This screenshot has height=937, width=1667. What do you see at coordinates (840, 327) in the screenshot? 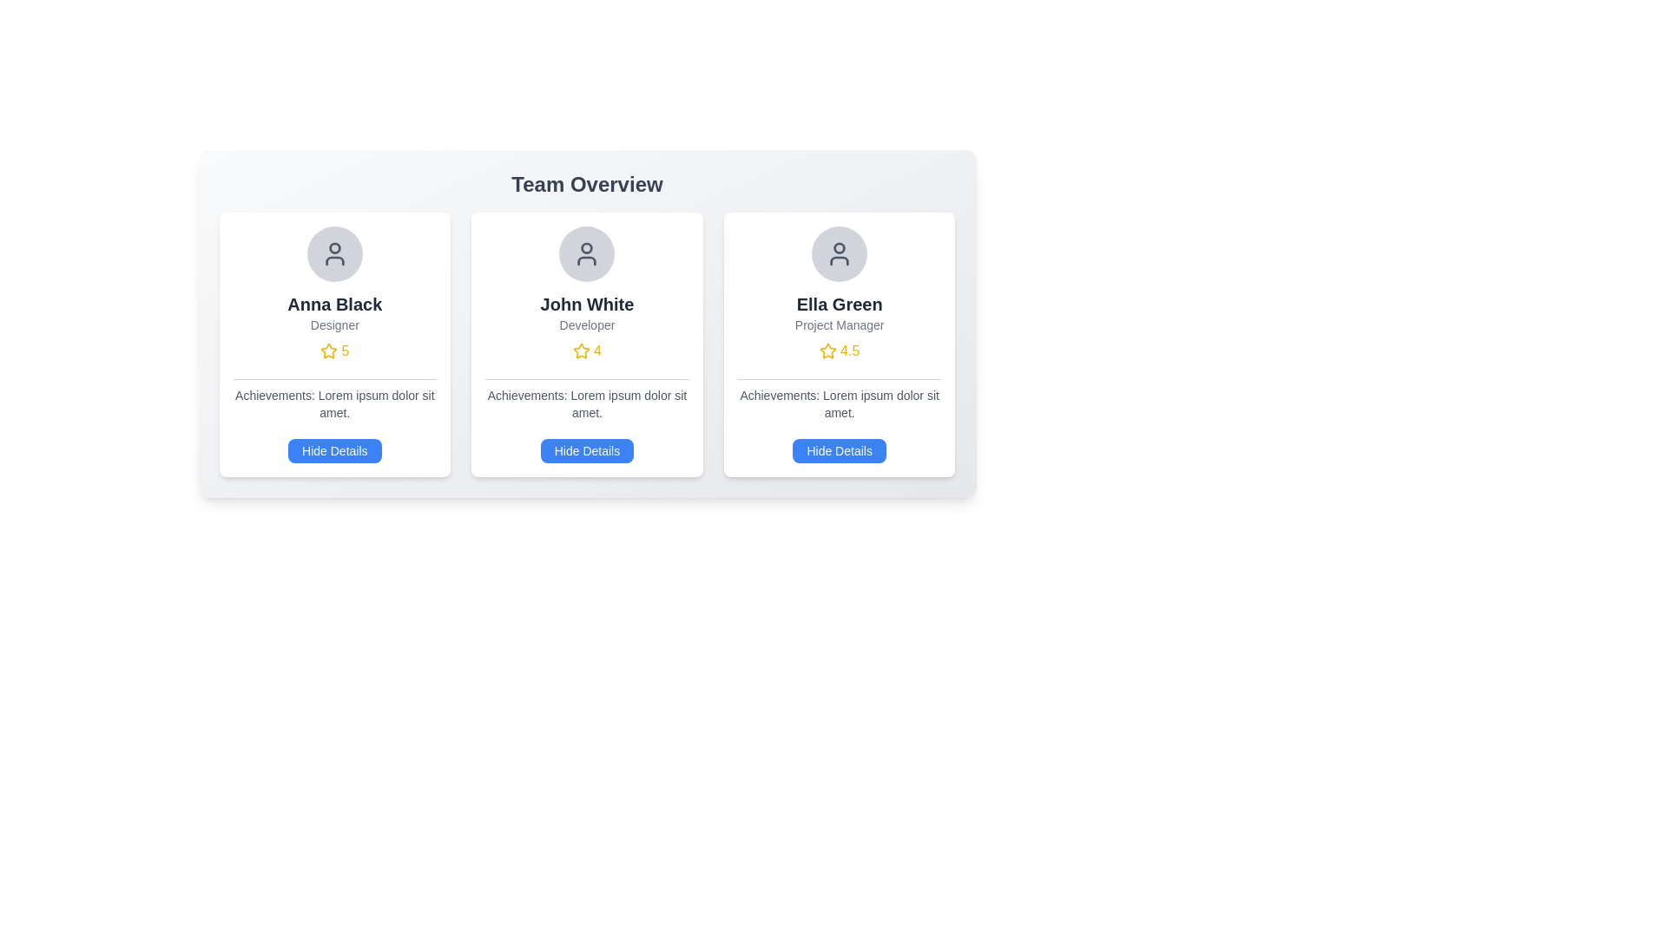
I see `information displayed in the text component enhanced with a star icon, which shows the user's name, professional role, and rating, located in the top central area of the user card interface` at bounding box center [840, 327].